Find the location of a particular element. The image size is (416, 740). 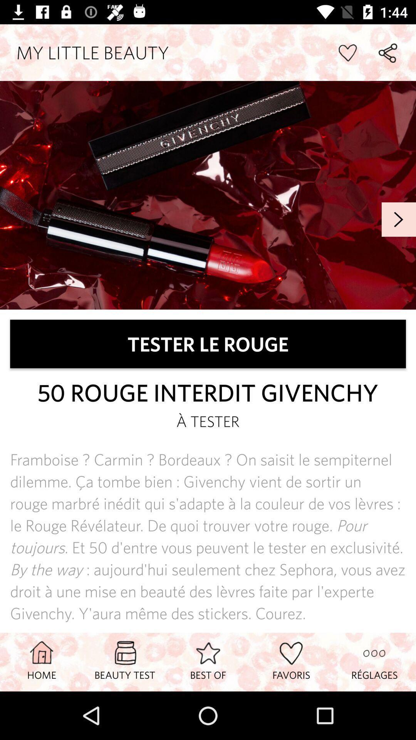

share option is located at coordinates (387, 52).